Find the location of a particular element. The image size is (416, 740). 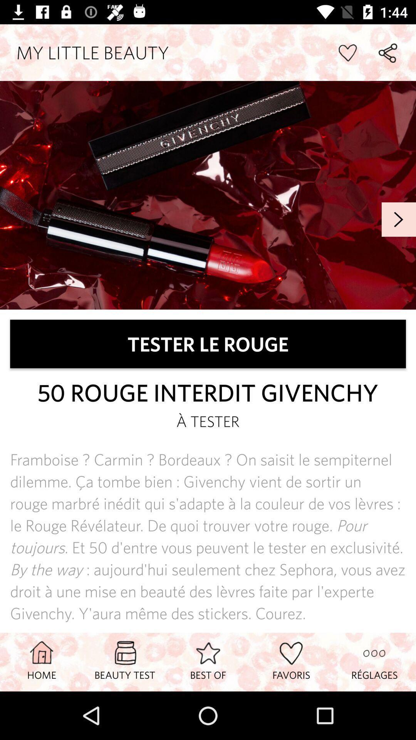

share option is located at coordinates (387, 52).